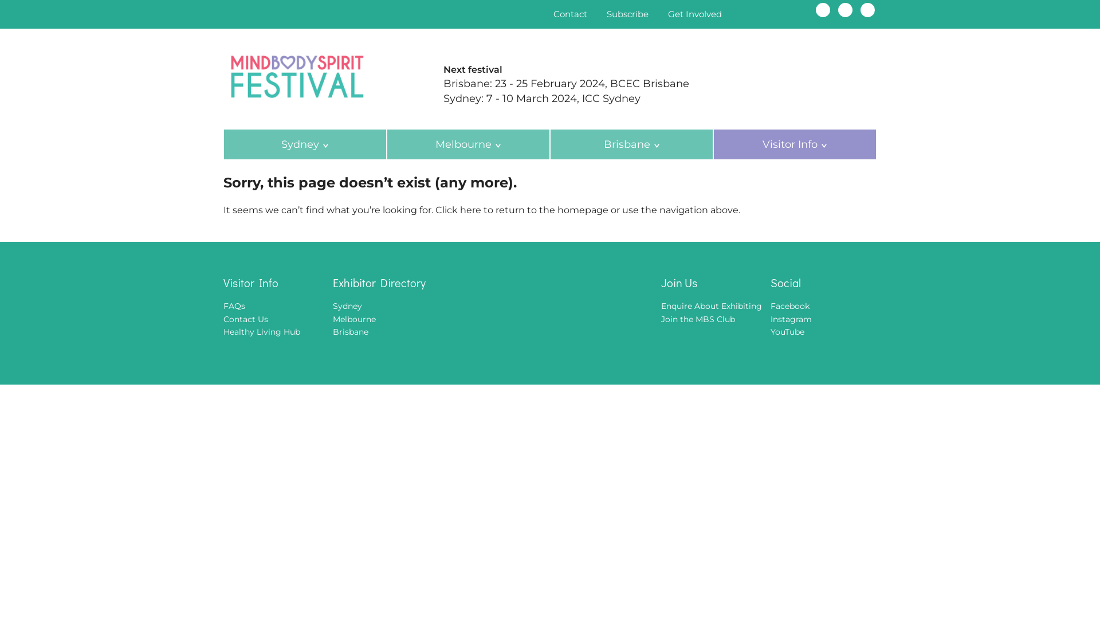 This screenshot has width=1100, height=619. I want to click on 'Social', so click(823, 283).